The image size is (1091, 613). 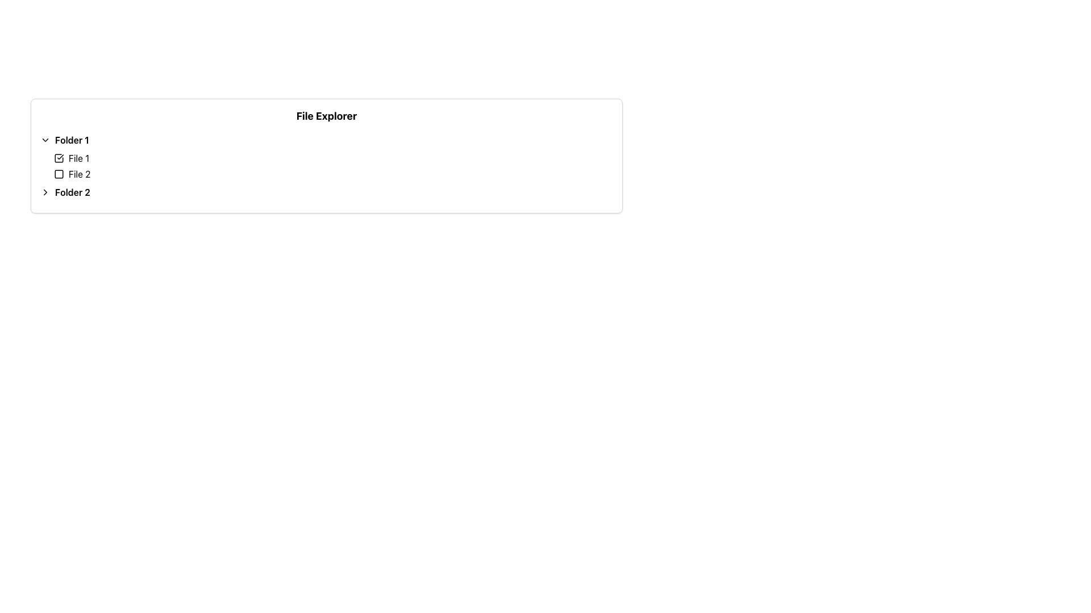 I want to click on the small triangular arrow icon pointing to the right, which is the directional indicator for the second folder labeled 'Folder 2', so click(x=45, y=192).